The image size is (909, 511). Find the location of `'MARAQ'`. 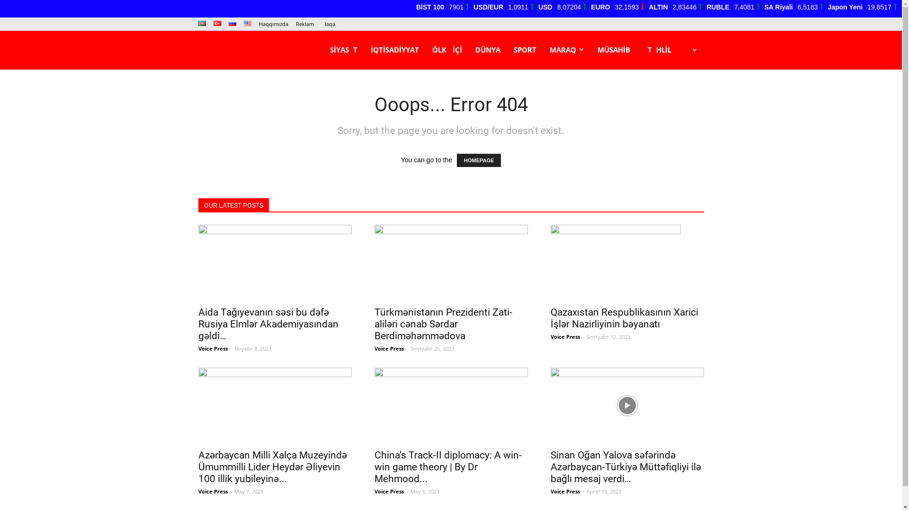

'MARAQ' is located at coordinates (566, 49).